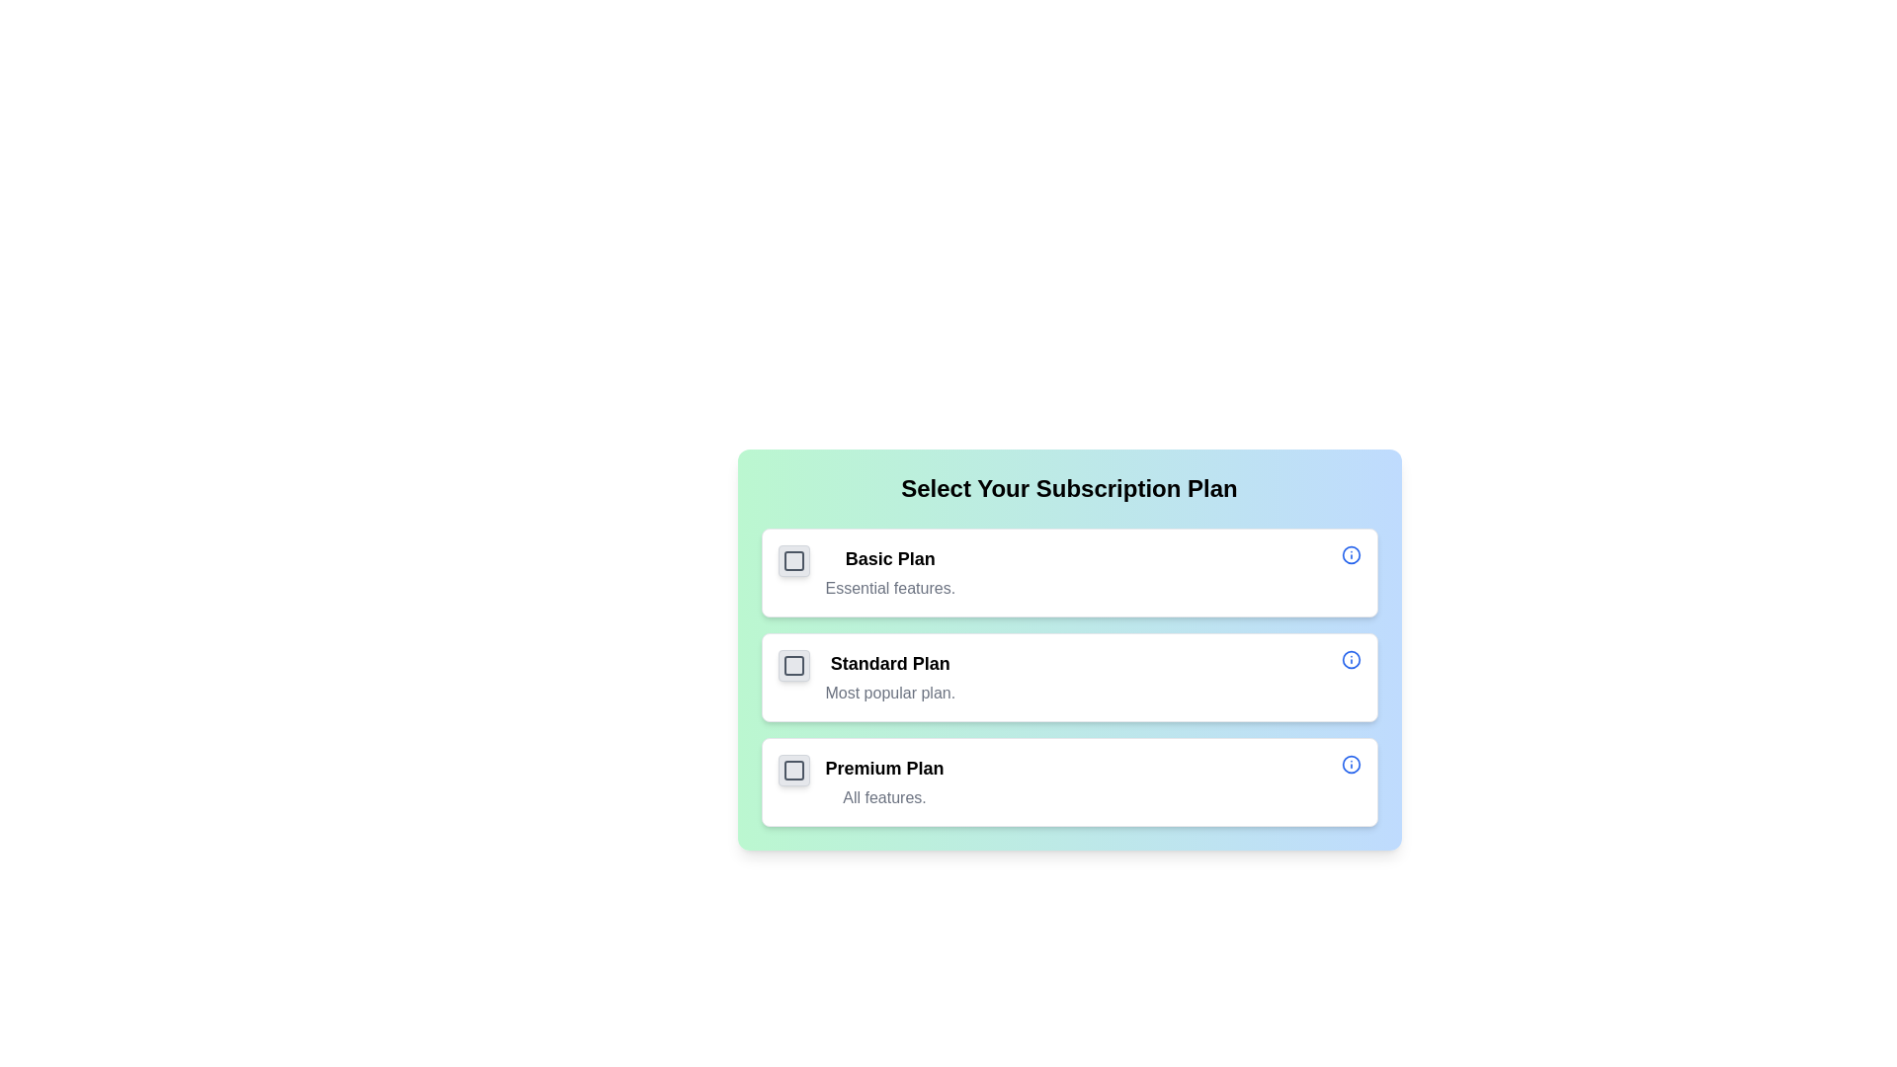 This screenshot has width=1897, height=1067. I want to click on the first square-shaped checkbox icon, located at the top section of the selectable options interface, so click(793, 560).